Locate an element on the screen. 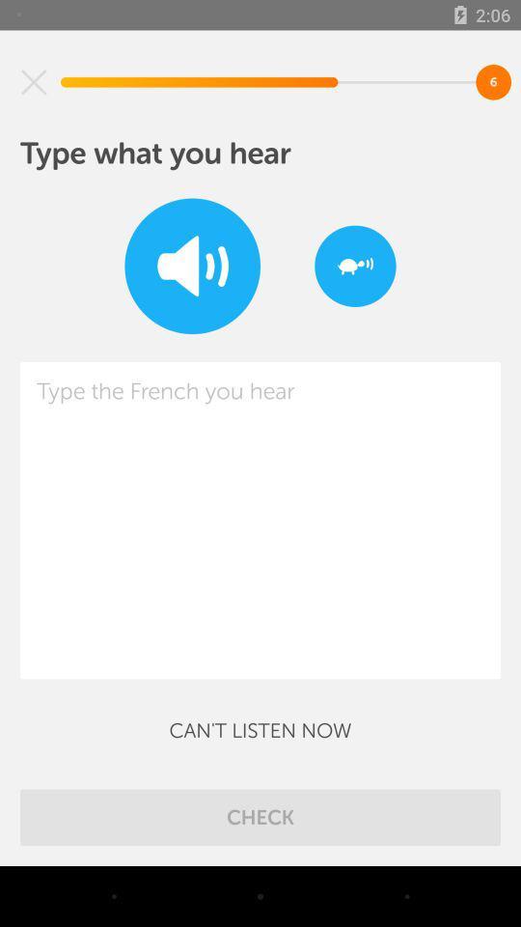 This screenshot has width=521, height=927. the item at the top right corner is located at coordinates (354, 265).